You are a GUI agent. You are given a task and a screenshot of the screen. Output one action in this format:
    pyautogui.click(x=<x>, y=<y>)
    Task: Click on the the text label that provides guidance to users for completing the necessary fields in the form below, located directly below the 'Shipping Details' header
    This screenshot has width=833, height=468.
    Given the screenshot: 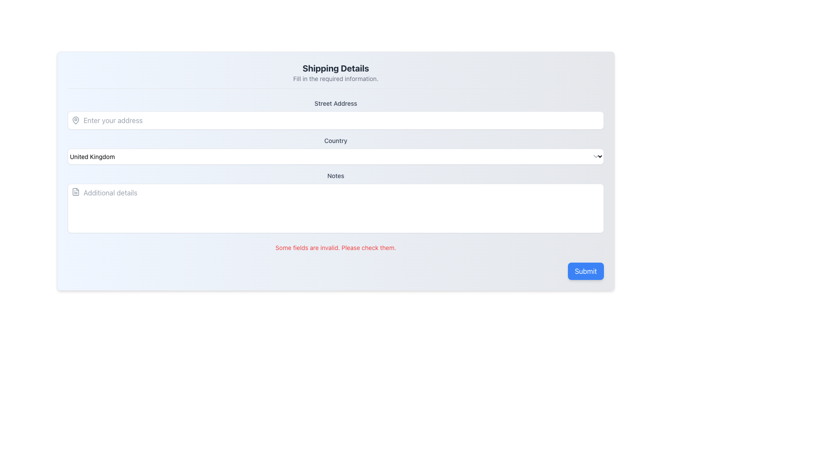 What is the action you would take?
    pyautogui.click(x=335, y=78)
    